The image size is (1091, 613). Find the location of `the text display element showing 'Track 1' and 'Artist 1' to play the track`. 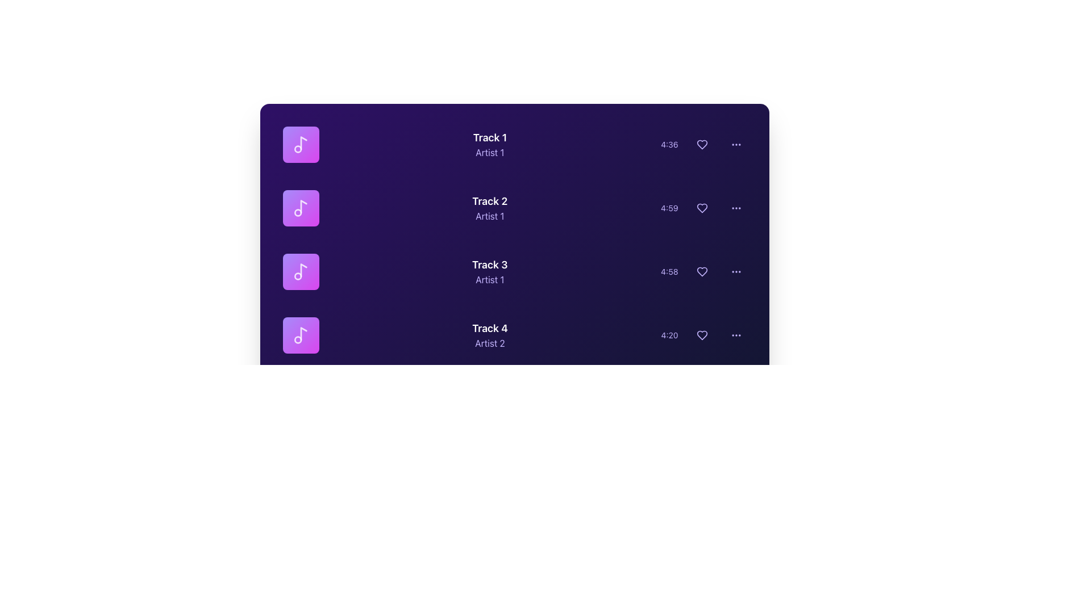

the text display element showing 'Track 1' and 'Artist 1' to play the track is located at coordinates (490, 144).